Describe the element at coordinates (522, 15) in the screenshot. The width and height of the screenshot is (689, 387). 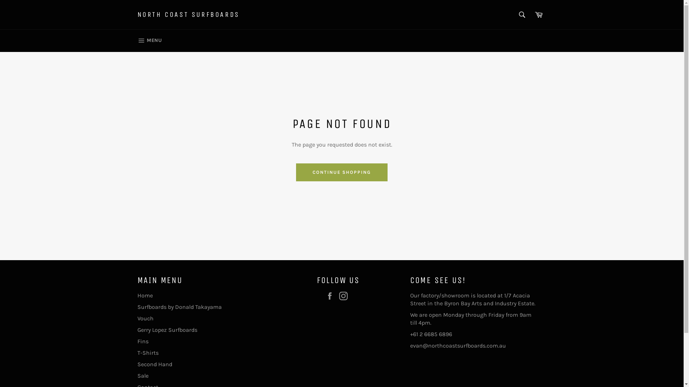
I see `'Search'` at that location.